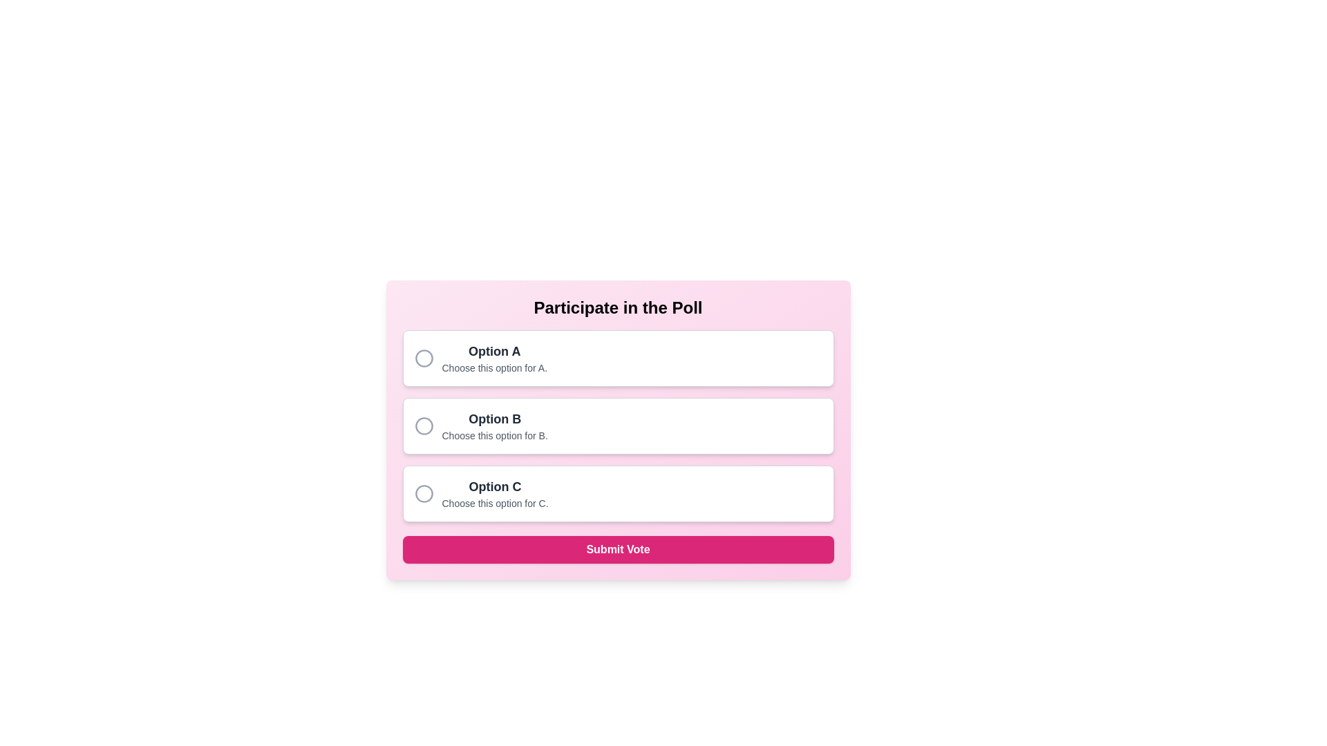 This screenshot has height=746, width=1327. Describe the element at coordinates (423, 358) in the screenshot. I see `the circular radio button indicator located in the 'Option A' poll option block` at that location.